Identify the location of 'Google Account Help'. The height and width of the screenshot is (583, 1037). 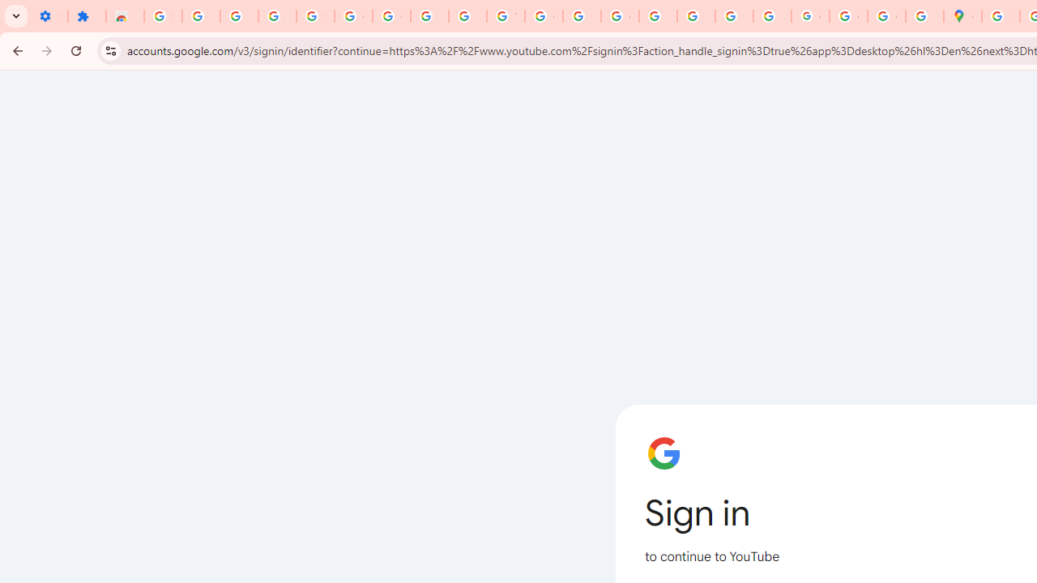
(391, 16).